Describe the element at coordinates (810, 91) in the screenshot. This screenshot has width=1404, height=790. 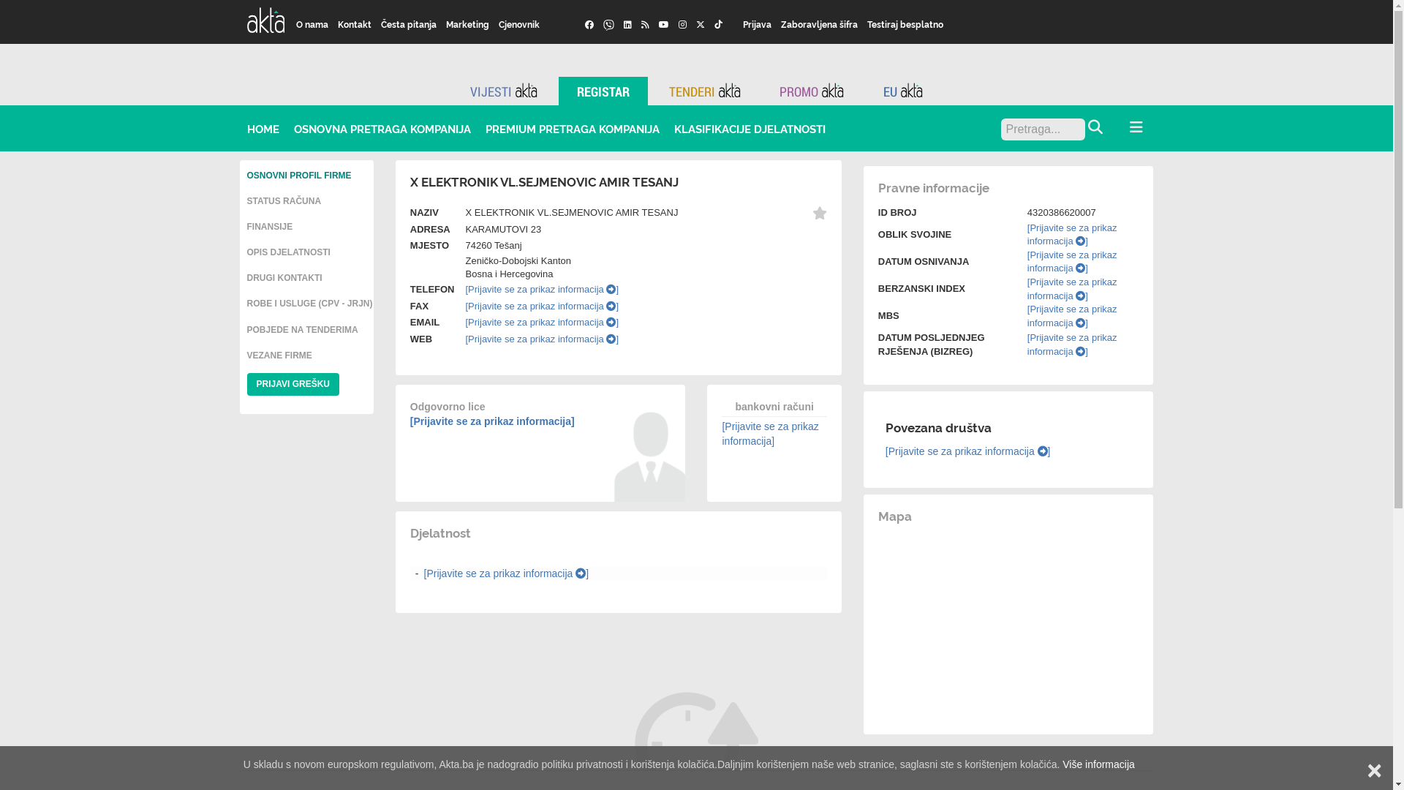
I see `'PROMO'` at that location.